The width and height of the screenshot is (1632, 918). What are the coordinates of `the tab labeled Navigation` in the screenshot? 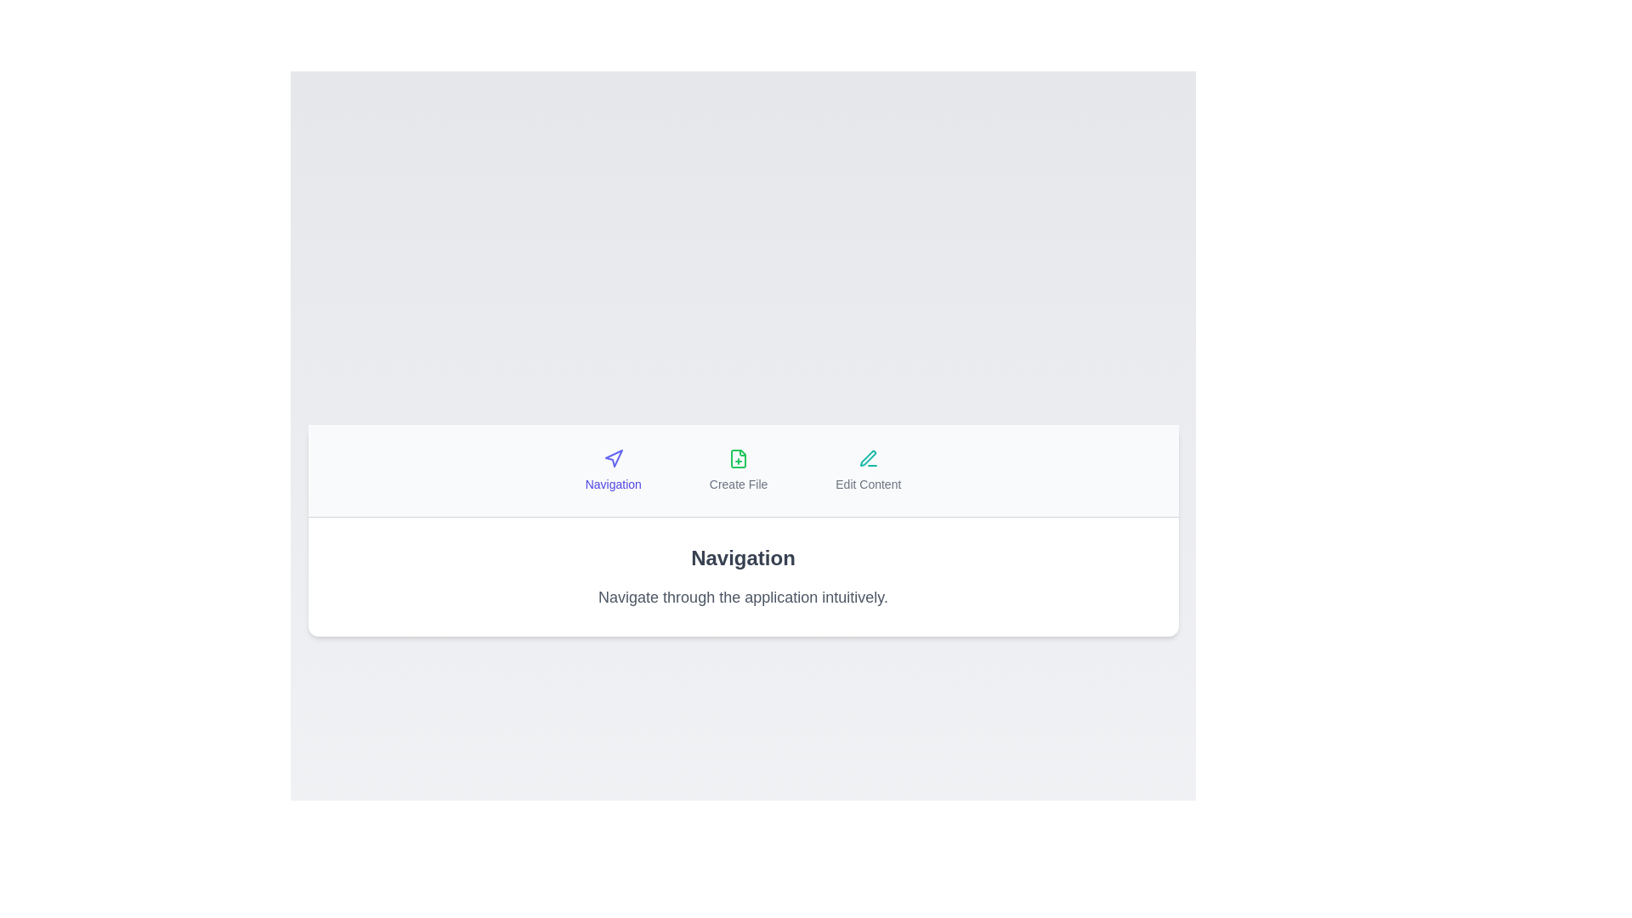 It's located at (612, 470).